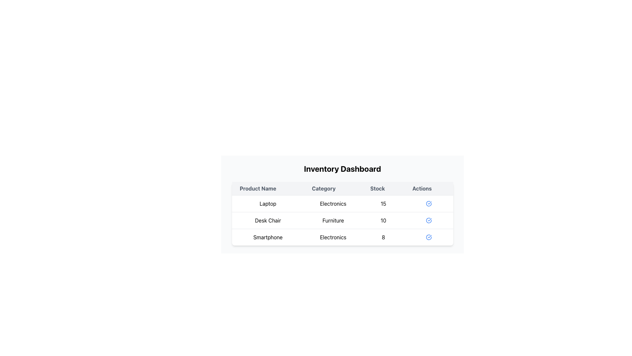 Image resolution: width=632 pixels, height=356 pixels. Describe the element at coordinates (383, 189) in the screenshot. I see `the 'Stock' text label in the table header, which is bolded with a grayish font color and located between 'Category' and 'Actions.'` at that location.